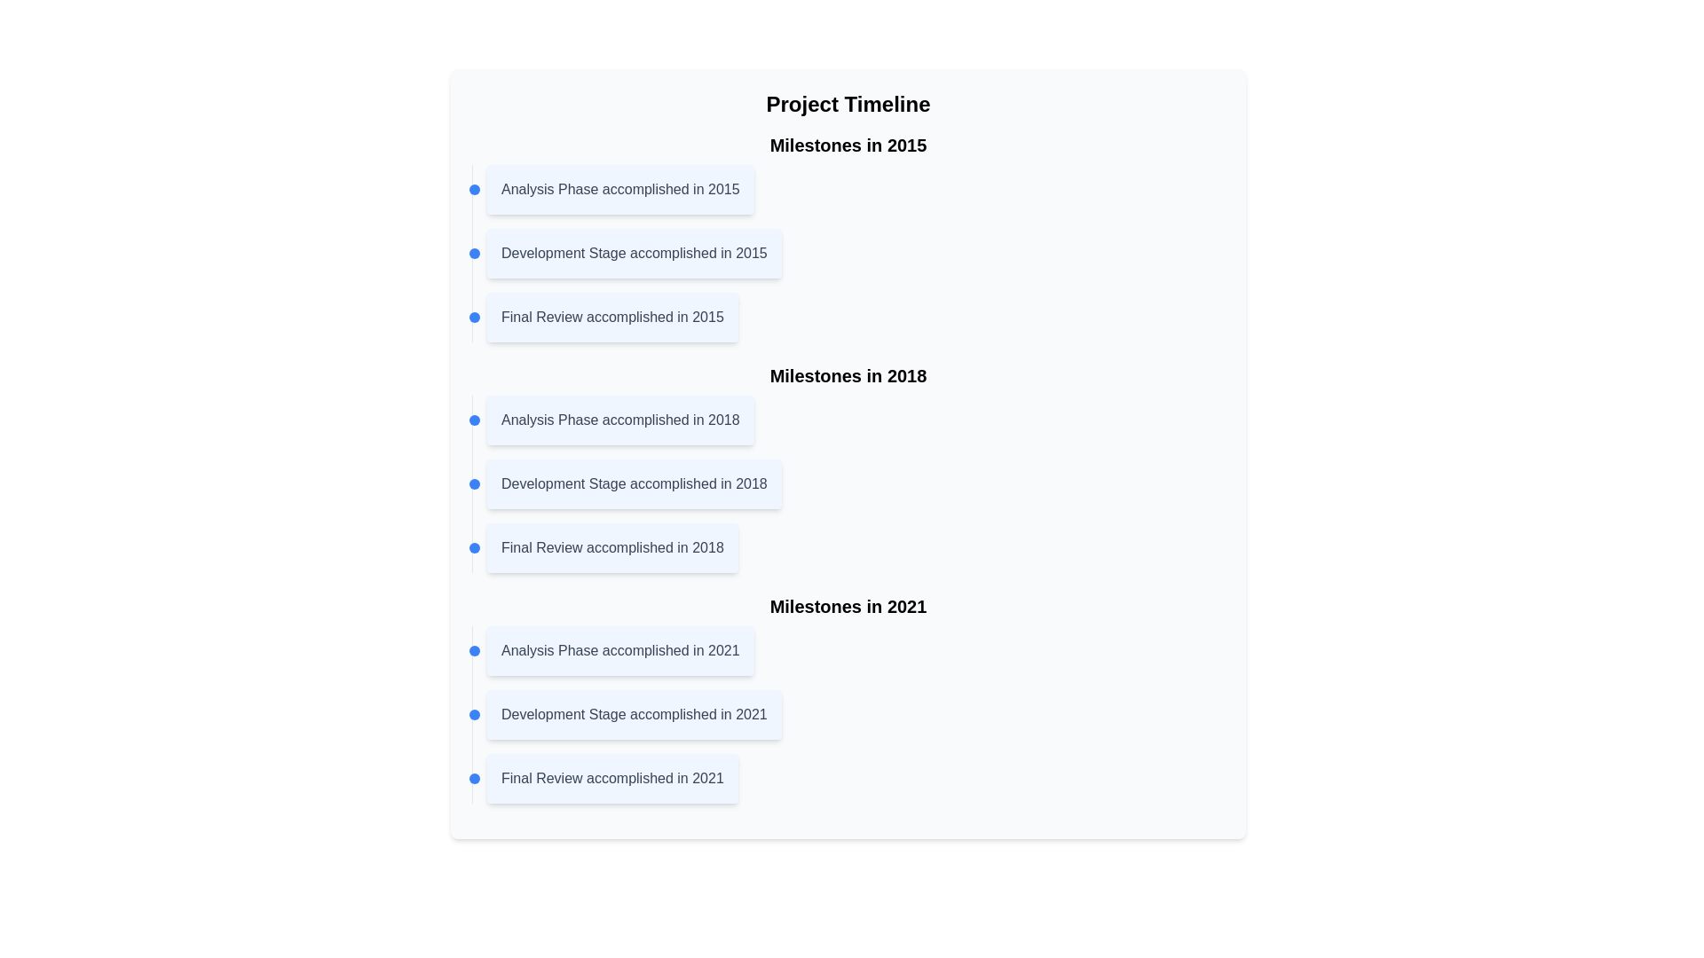  Describe the element at coordinates (612, 317) in the screenshot. I see `text element that signifies the final review phase accomplished in 2015, which is the third entry under the 'Milestones in 2015' section of the timeline` at that location.